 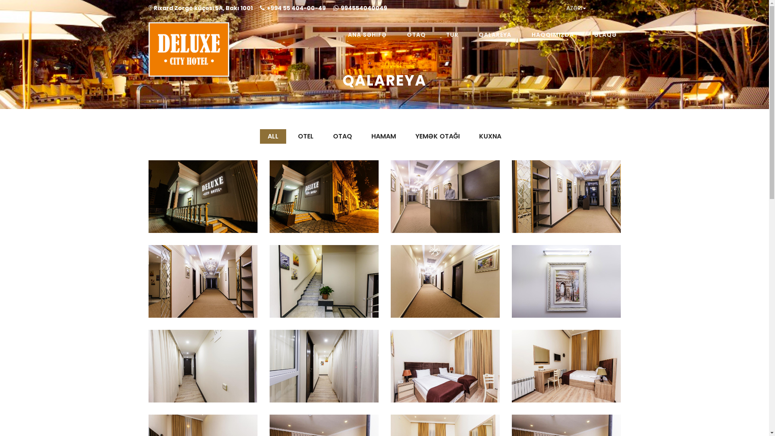 What do you see at coordinates (185, 26) in the screenshot?
I see `'Deluxecityhotel'` at bounding box center [185, 26].